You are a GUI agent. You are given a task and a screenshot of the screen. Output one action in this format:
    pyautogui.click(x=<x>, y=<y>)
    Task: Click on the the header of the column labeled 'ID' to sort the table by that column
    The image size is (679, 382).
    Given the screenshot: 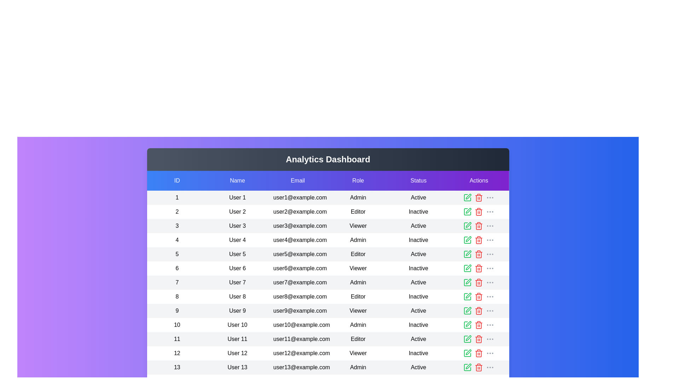 What is the action you would take?
    pyautogui.click(x=177, y=180)
    